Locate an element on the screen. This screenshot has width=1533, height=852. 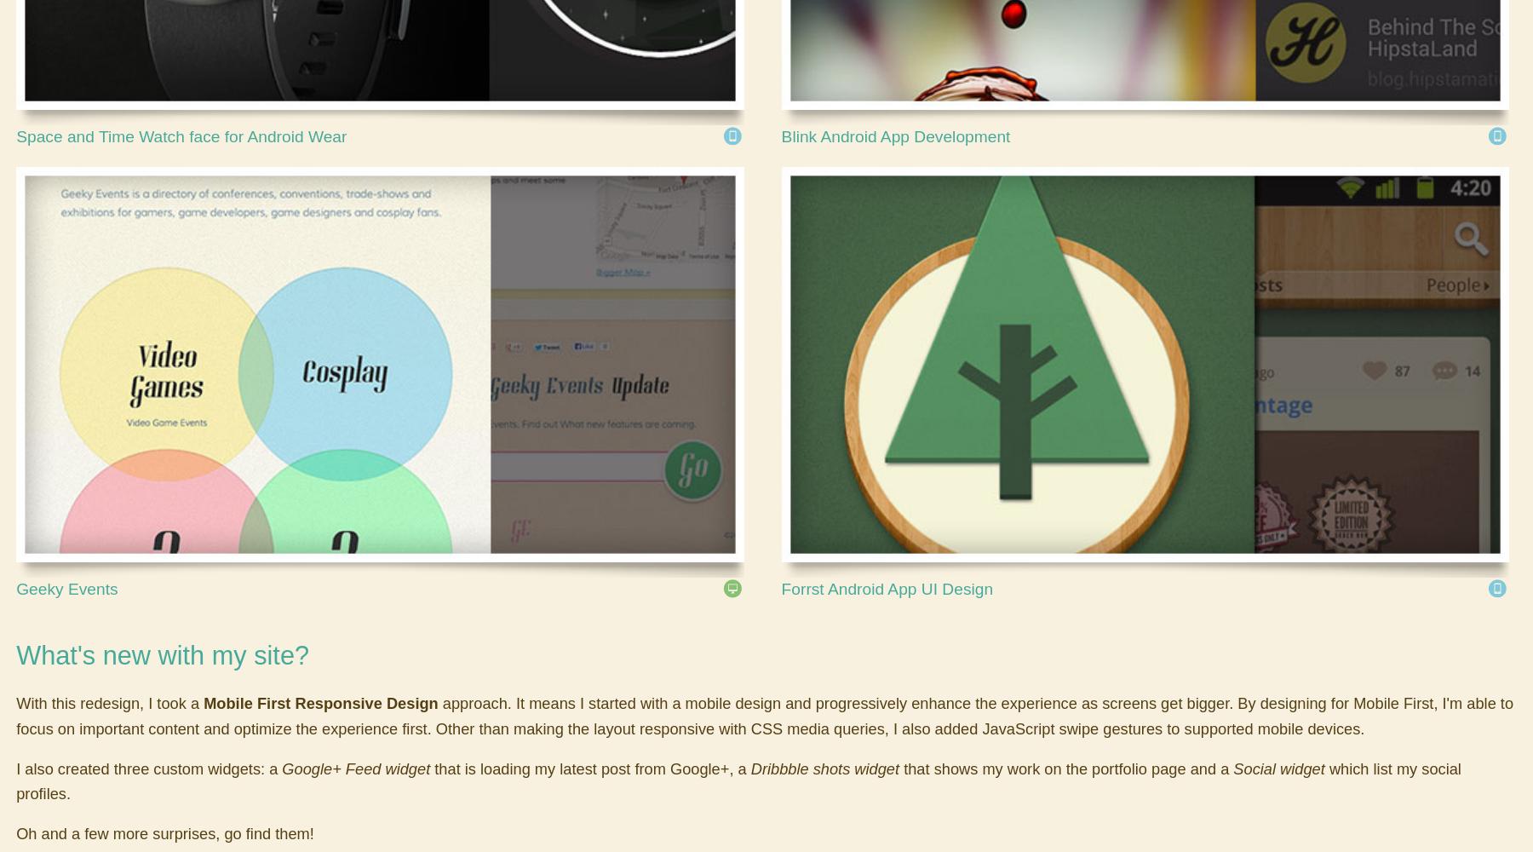
'which list my social profiles.' is located at coordinates (15, 780).